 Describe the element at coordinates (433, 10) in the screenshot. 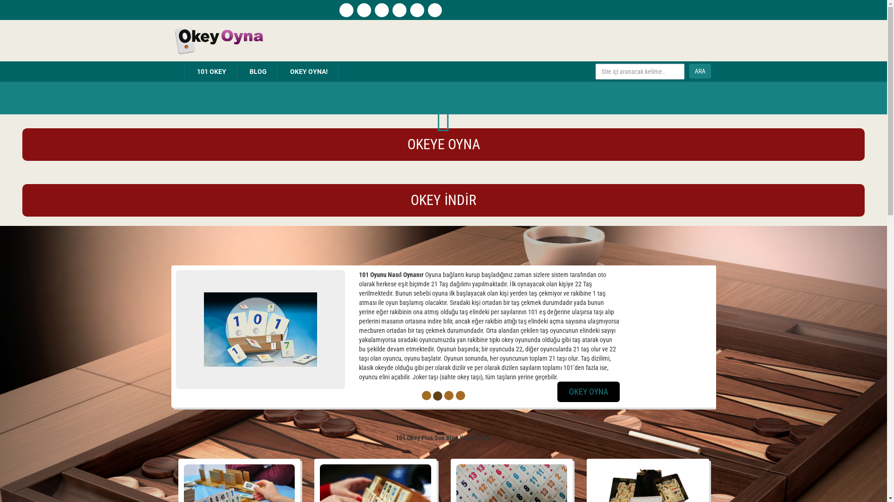

I see `'Linkedin Profilimiz'` at that location.